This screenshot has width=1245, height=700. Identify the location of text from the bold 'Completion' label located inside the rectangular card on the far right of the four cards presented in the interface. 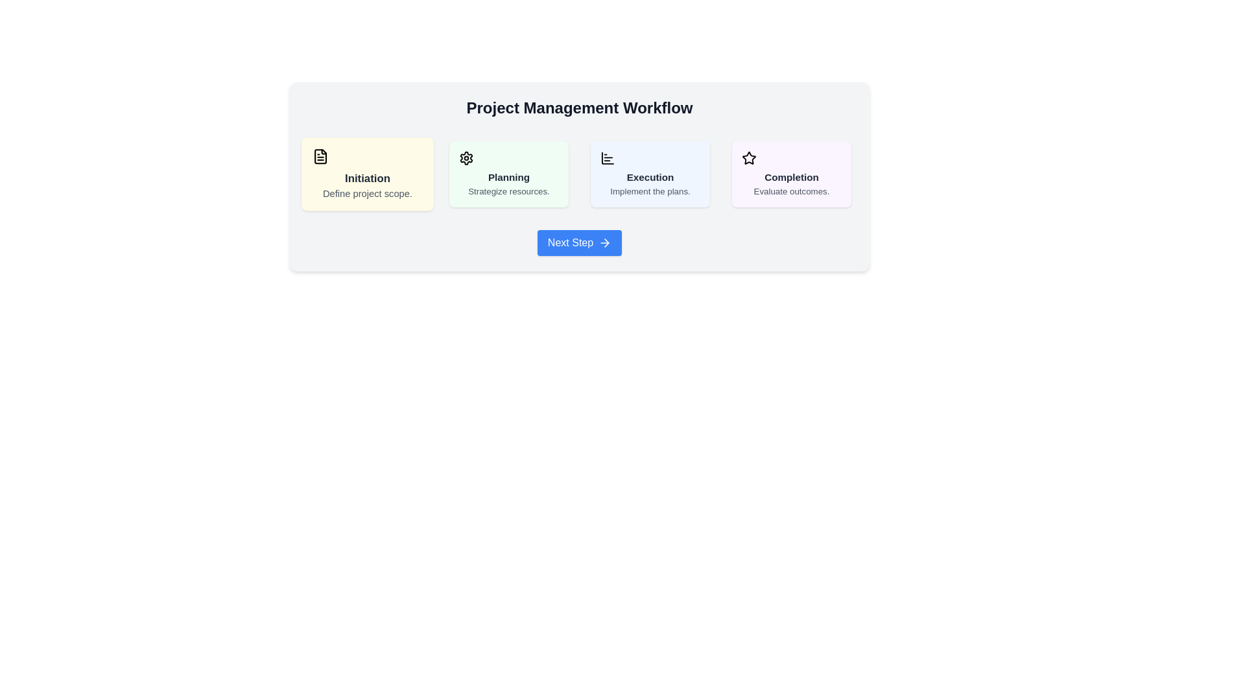
(790, 177).